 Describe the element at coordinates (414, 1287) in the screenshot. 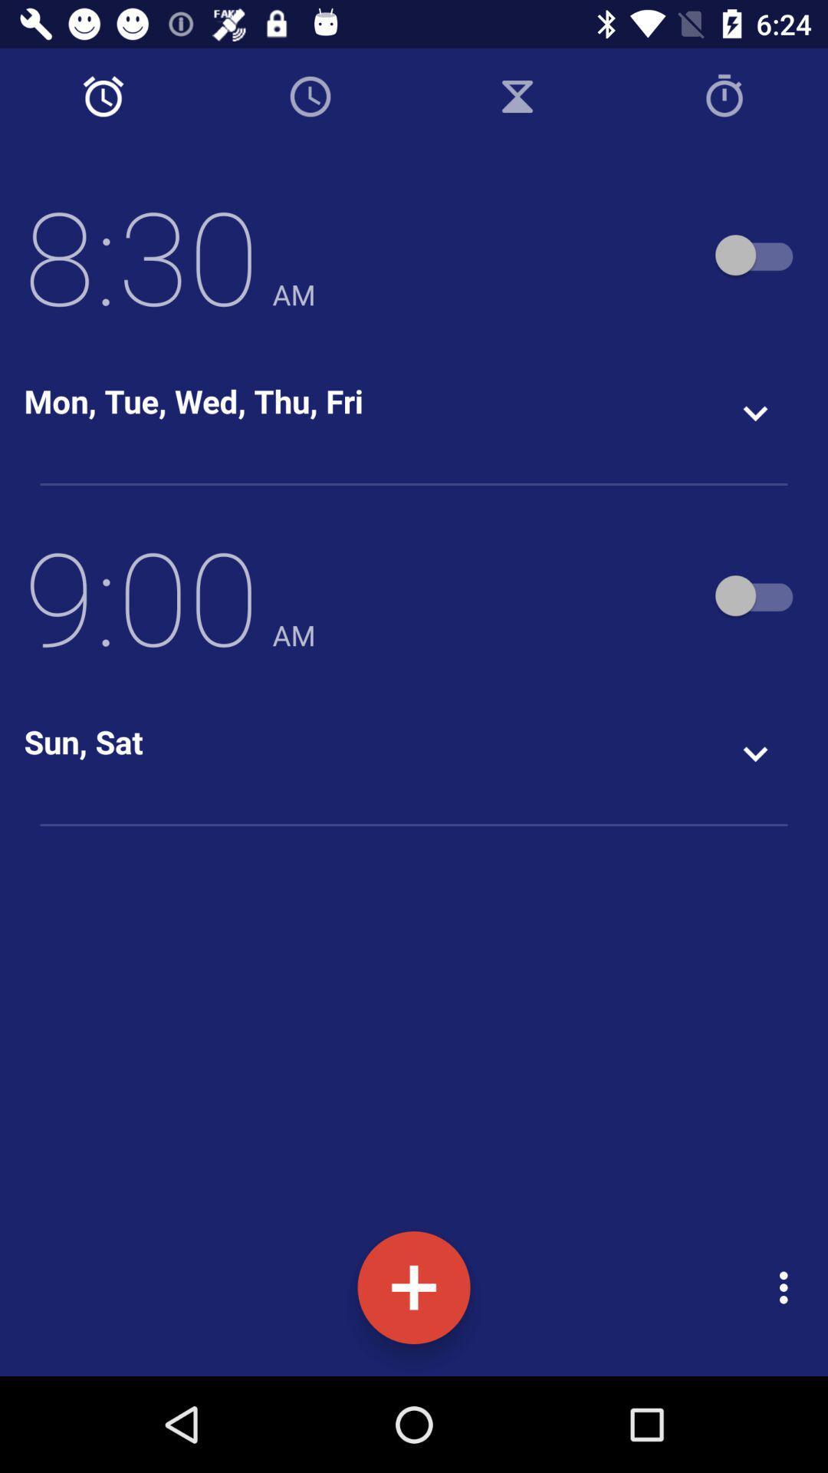

I see `the add icon` at that location.